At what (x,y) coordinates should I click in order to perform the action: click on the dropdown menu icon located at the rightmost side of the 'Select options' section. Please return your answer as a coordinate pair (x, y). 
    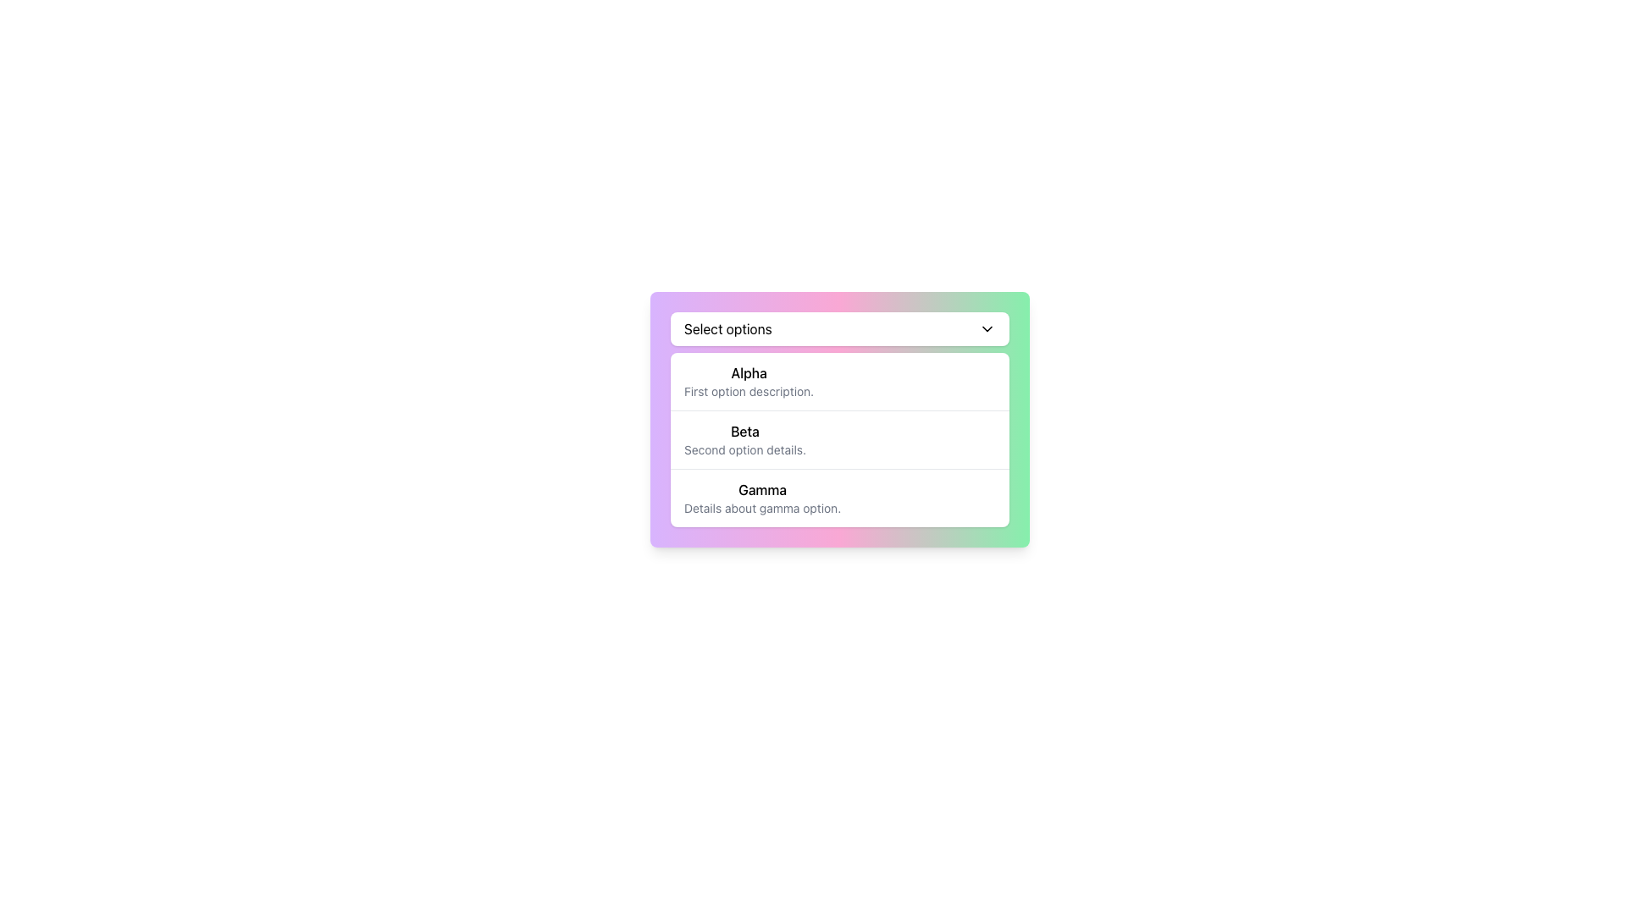
    Looking at the image, I should click on (987, 329).